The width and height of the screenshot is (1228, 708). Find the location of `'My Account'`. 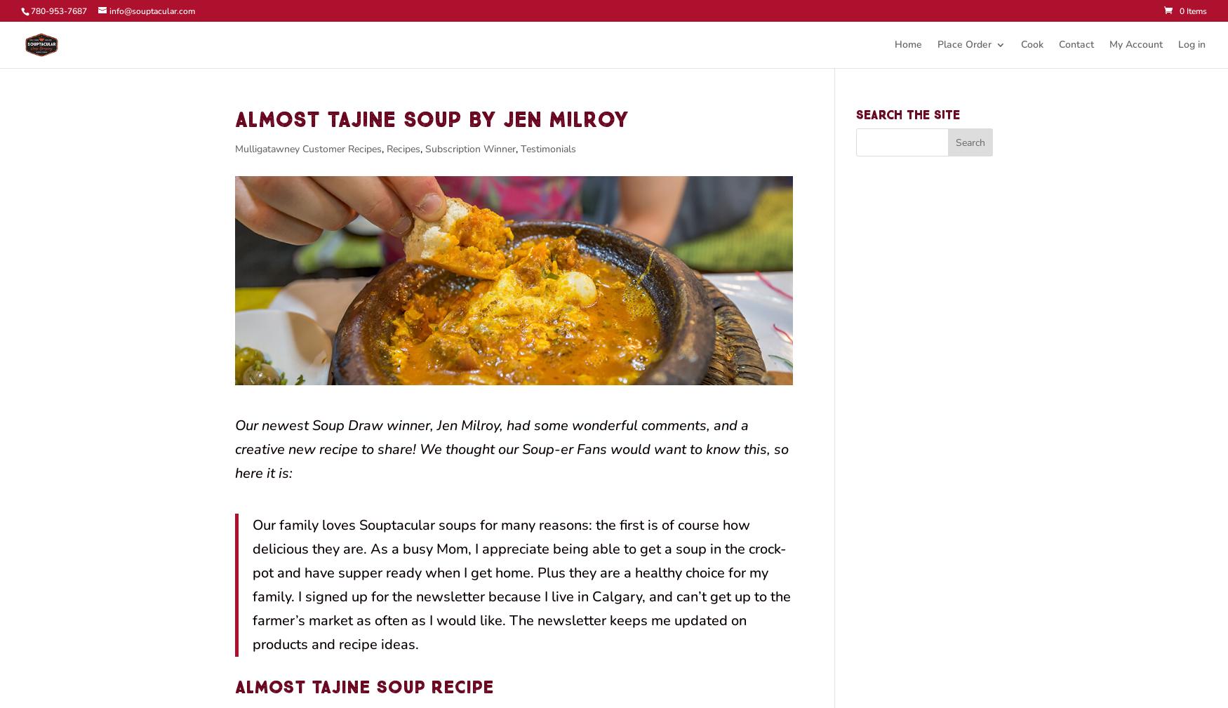

'My Account' is located at coordinates (1135, 44).